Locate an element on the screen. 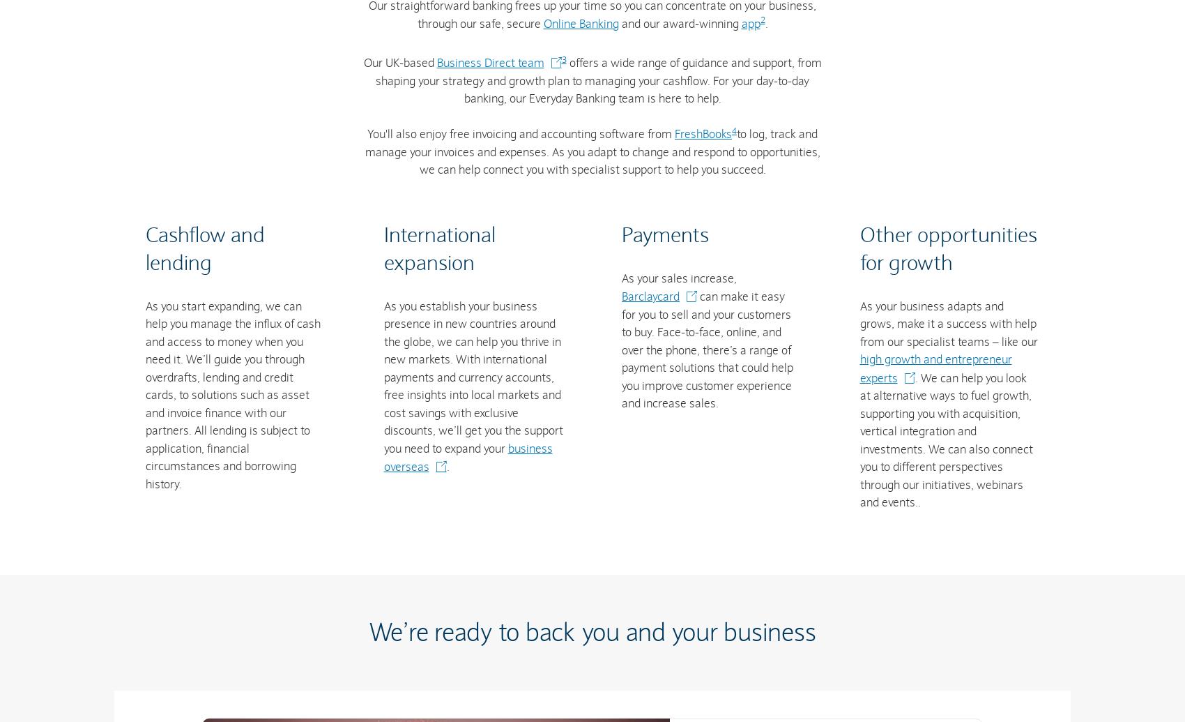 This screenshot has height=722, width=1185. 'We don’t offer tax advice. If you’re not sure about tax or how VAT and other forms of tax work, seek independent financial advice. More Information about tax can be found on the' is located at coordinates (583, 107).